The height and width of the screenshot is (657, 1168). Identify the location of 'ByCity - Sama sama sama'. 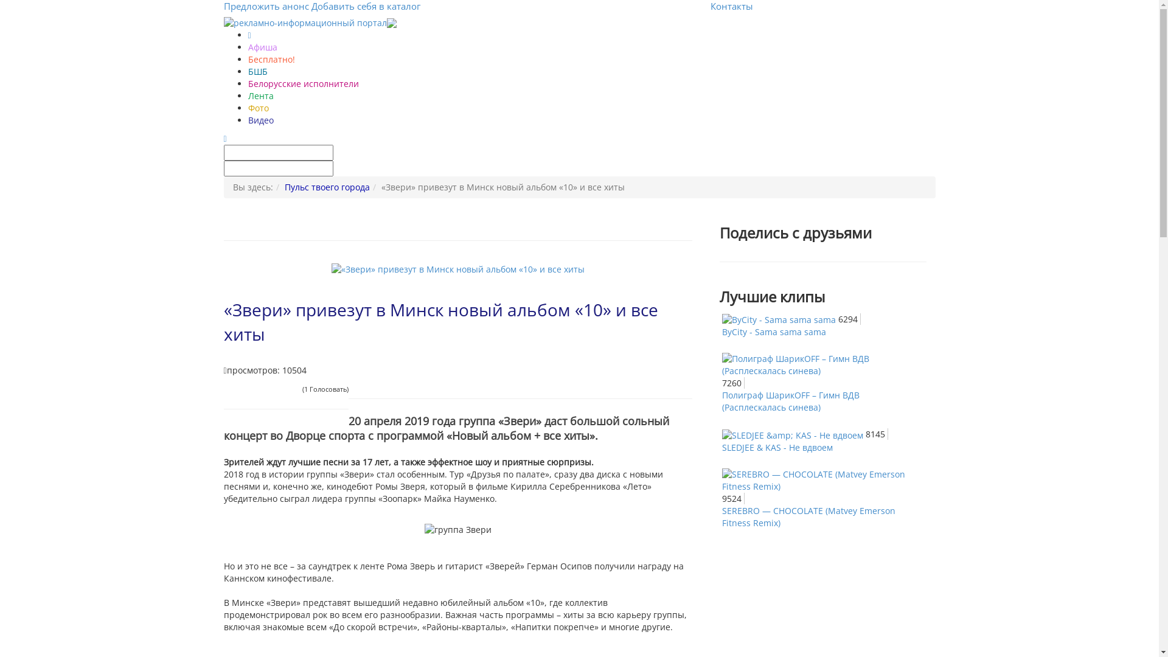
(721, 332).